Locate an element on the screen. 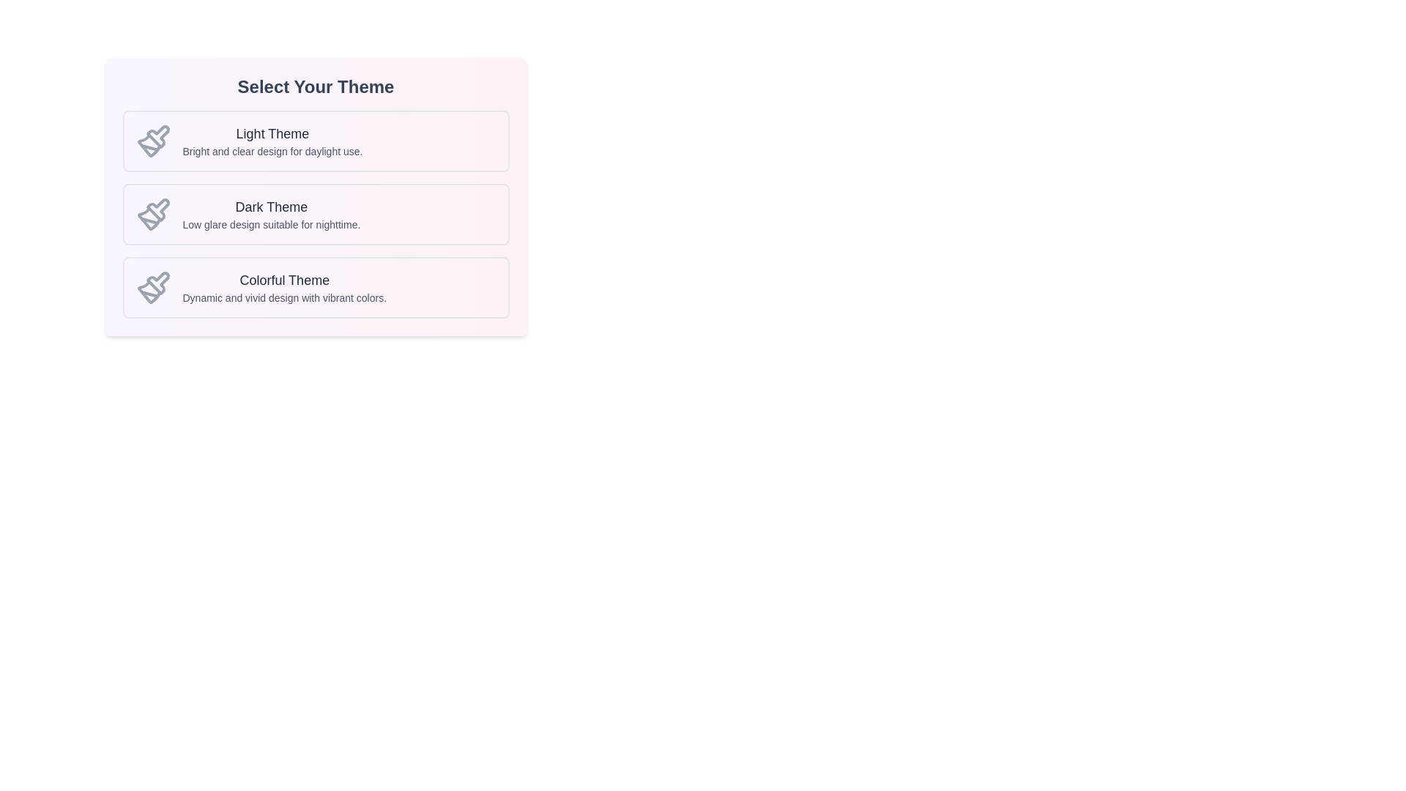 This screenshot has width=1406, height=791. the 'Colorful Theme' icon, which is located at the left side of the theme card and is visually representative of a dynamic design theme is located at coordinates (153, 288).